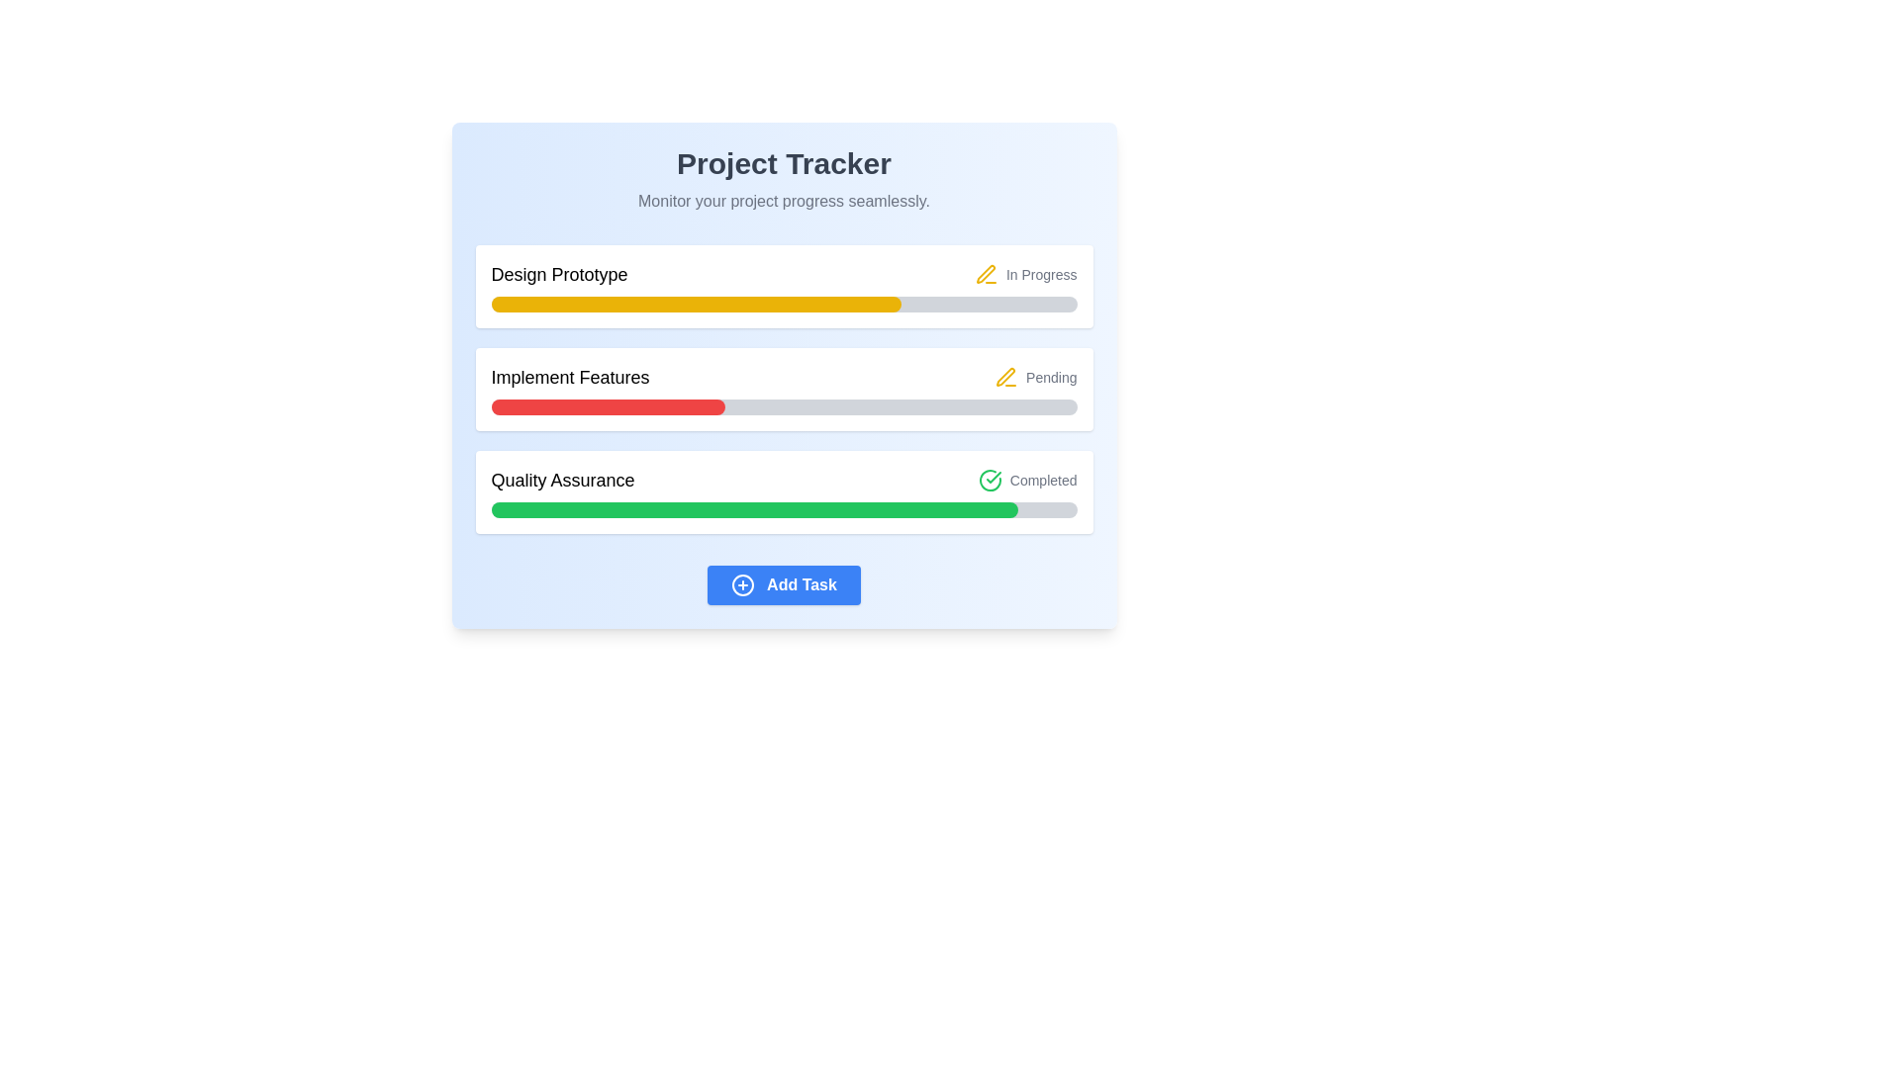 The width and height of the screenshot is (1900, 1068). I want to click on the 'Add Task' button, which is a rectangular button with rounded corners, styled with a blue background and white text, located below the progress tracking sections, so click(783, 583).